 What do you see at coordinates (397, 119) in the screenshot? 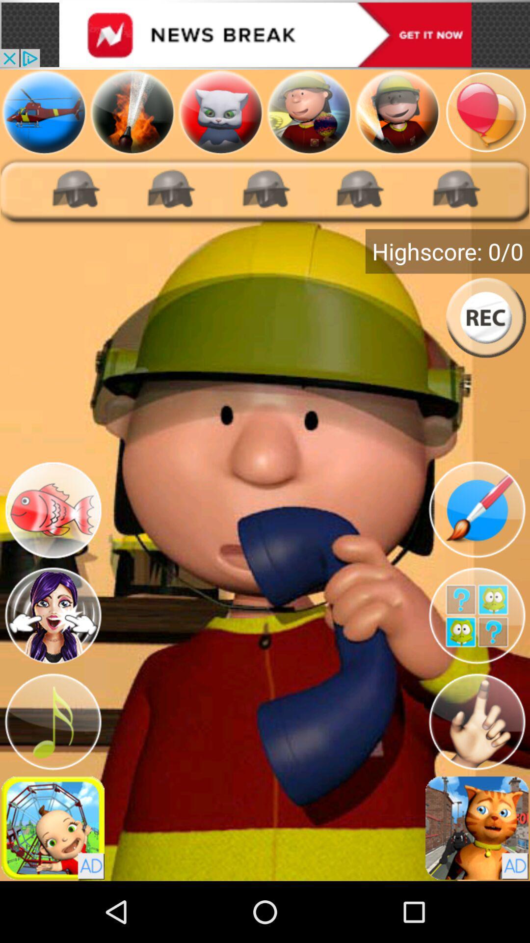
I see `the avatar icon` at bounding box center [397, 119].